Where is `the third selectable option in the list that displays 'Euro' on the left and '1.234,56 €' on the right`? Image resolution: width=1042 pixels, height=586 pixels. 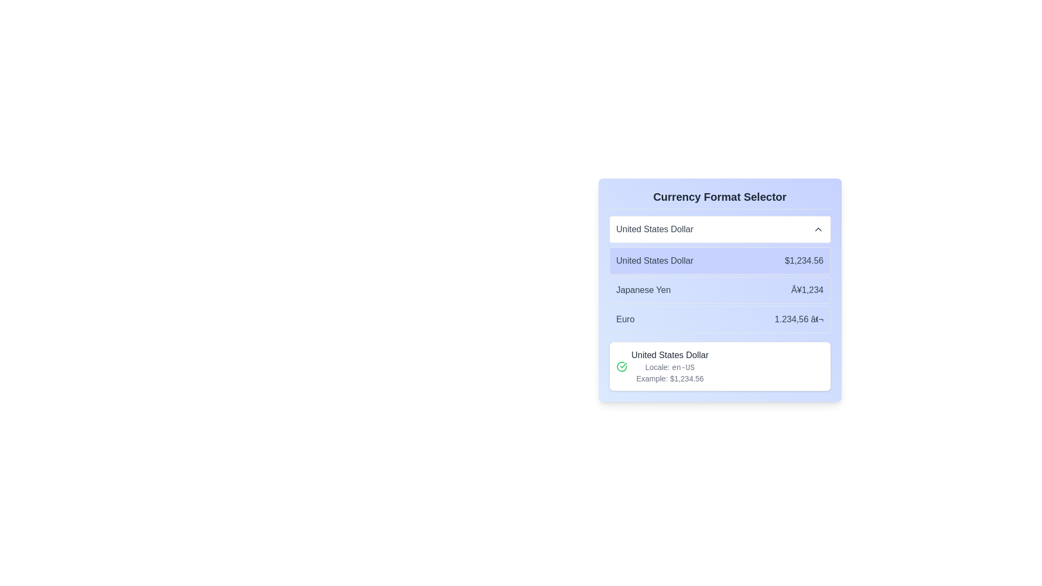
the third selectable option in the list that displays 'Euro' on the left and '1.234,56 €' on the right is located at coordinates (720, 319).